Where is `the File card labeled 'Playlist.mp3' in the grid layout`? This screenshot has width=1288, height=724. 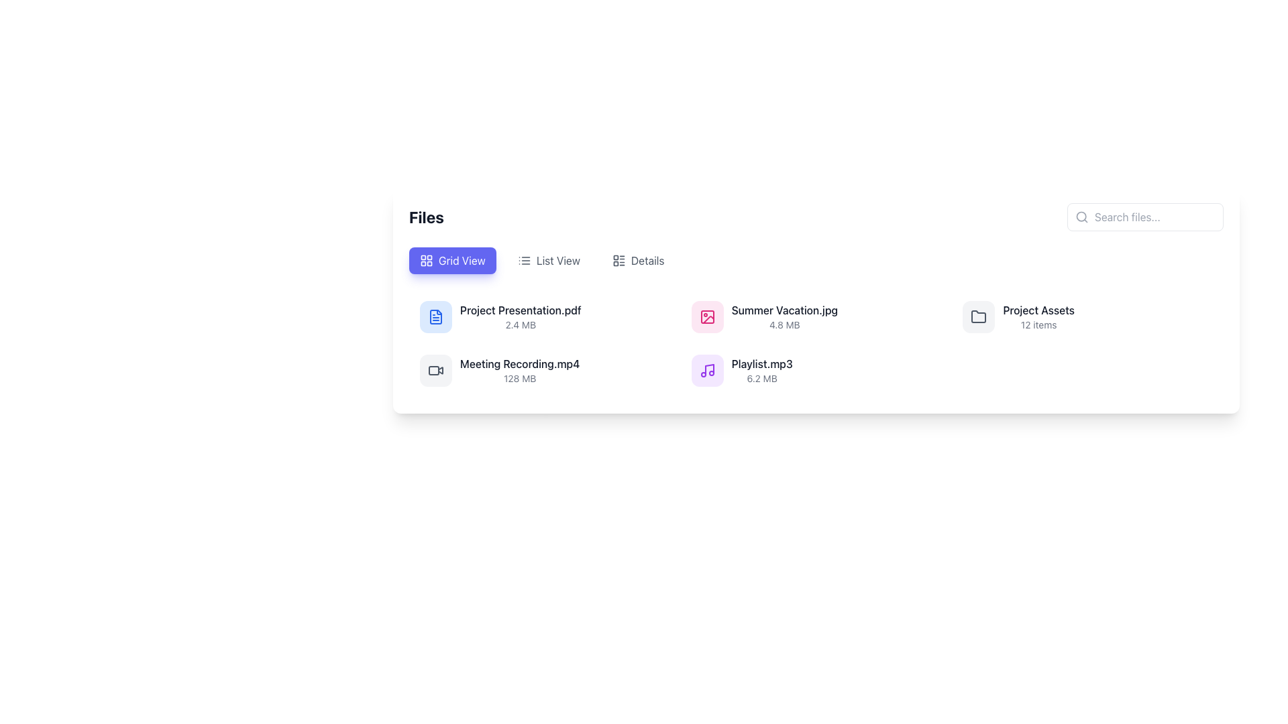 the File card labeled 'Playlist.mp3' in the grid layout is located at coordinates (815, 370).